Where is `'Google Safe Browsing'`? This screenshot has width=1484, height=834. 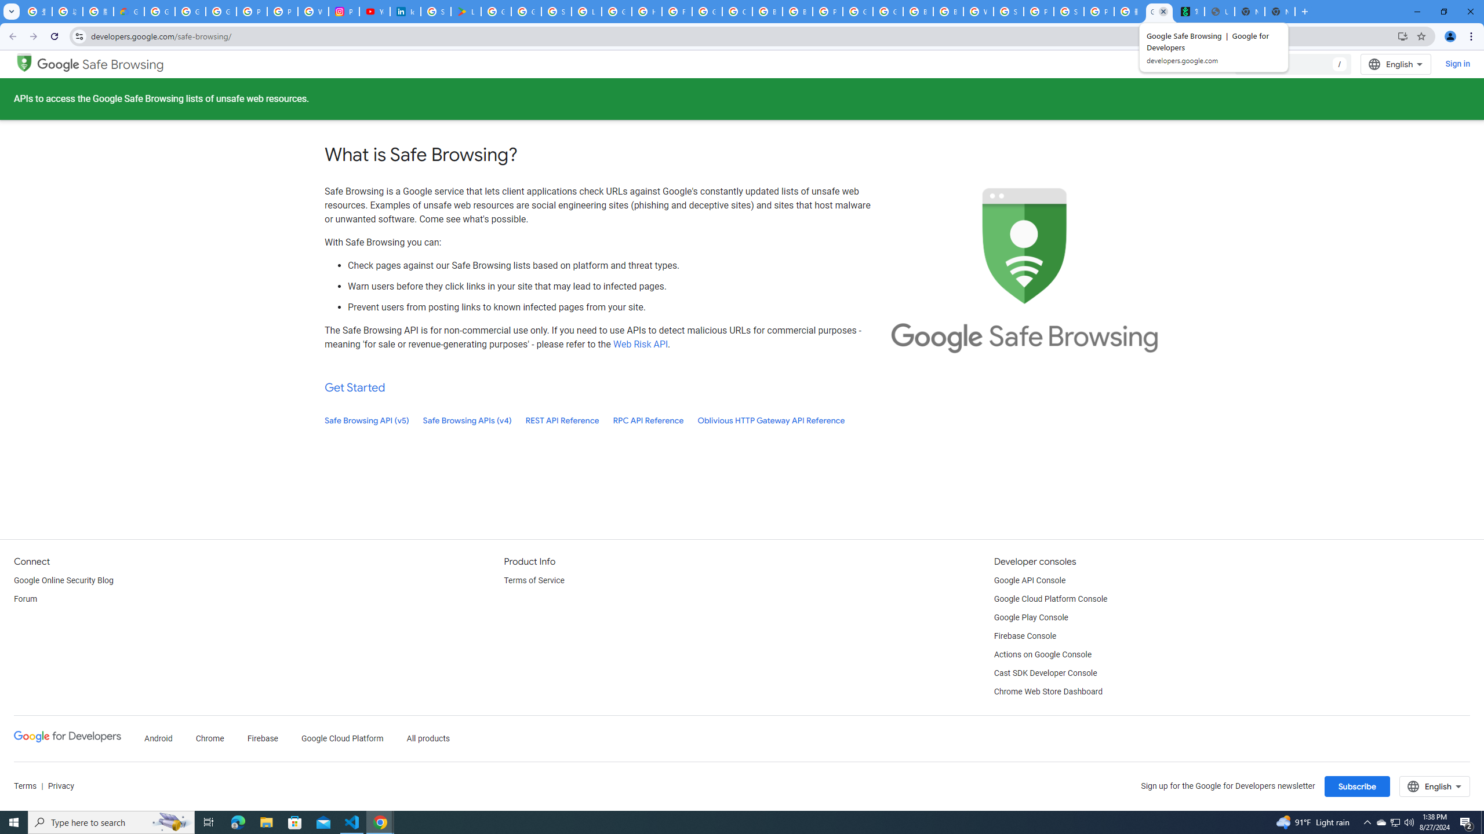
'Google Safe Browsing' is located at coordinates (101, 64).